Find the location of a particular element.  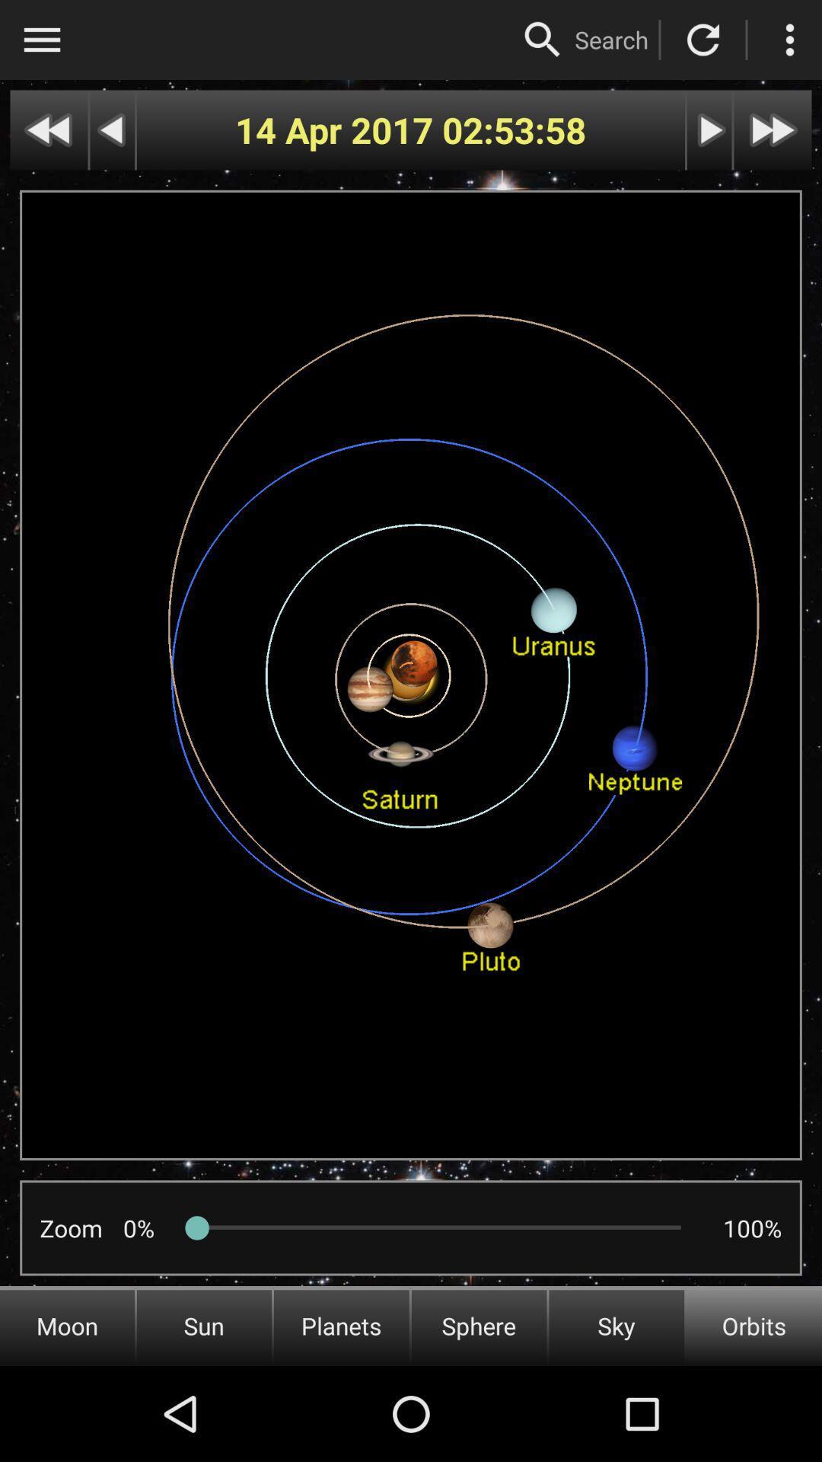

the app next to search is located at coordinates (542, 40).